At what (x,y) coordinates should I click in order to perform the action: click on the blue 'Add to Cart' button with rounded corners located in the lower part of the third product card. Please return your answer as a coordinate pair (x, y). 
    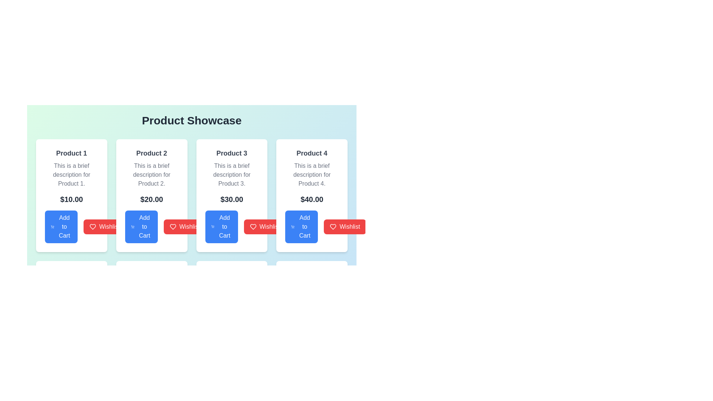
    Looking at the image, I should click on (231, 226).